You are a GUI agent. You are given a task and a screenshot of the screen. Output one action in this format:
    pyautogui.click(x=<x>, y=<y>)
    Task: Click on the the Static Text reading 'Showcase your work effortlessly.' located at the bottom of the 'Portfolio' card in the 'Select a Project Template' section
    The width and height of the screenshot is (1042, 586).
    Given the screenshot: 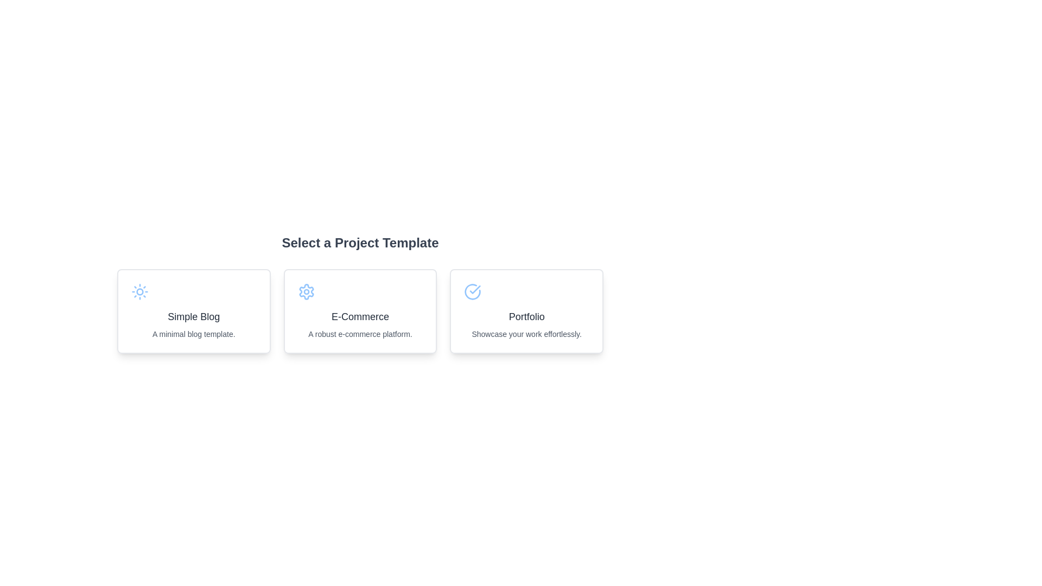 What is the action you would take?
    pyautogui.click(x=526, y=334)
    